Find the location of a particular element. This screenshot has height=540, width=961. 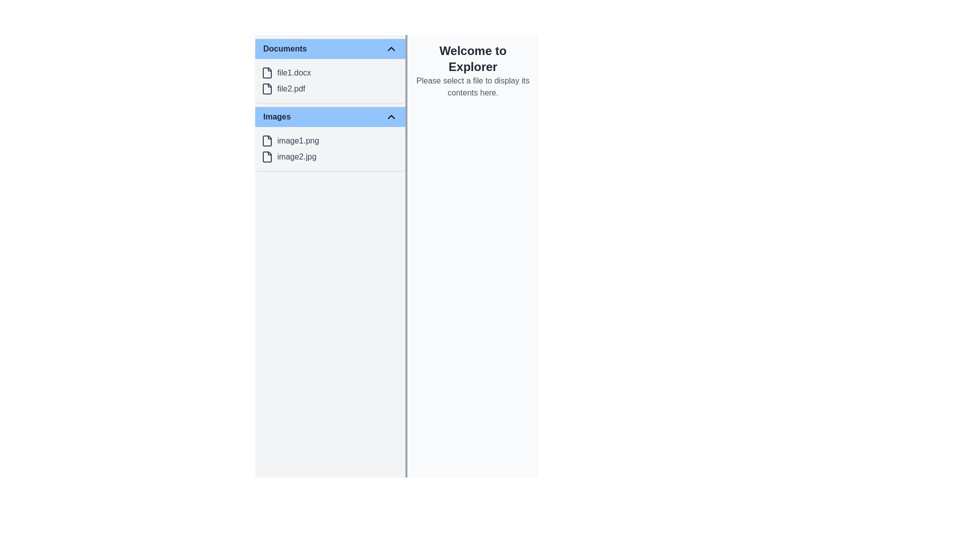

the document icon with a folded corner next to the label 'image1.png' in the 'Images' section of the sidebar is located at coordinates (267, 140).